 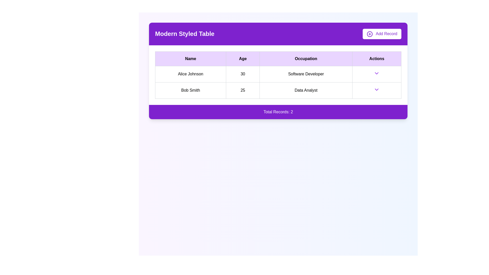 I want to click on the downward-facing purple Toggle icon located in the 'Actions' column of the table, aligned with the 'Bob Smith' row, so click(x=377, y=90).